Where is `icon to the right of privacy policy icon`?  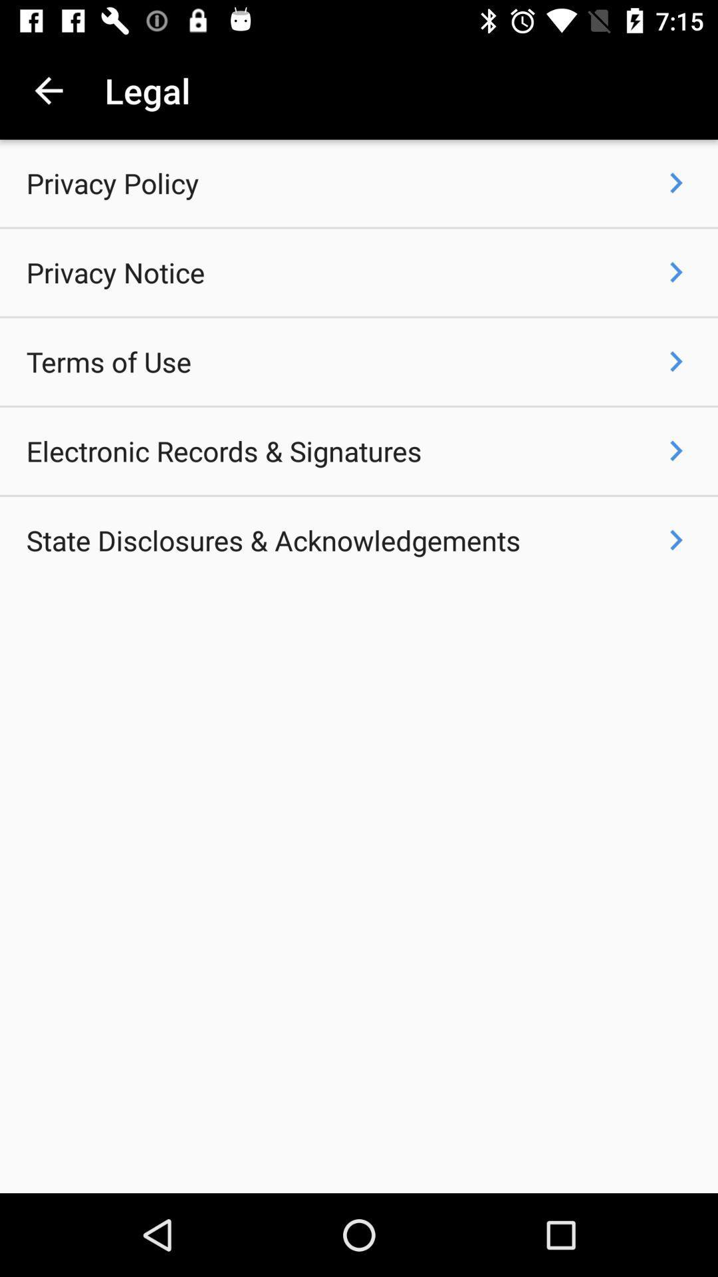 icon to the right of privacy policy icon is located at coordinates (676, 182).